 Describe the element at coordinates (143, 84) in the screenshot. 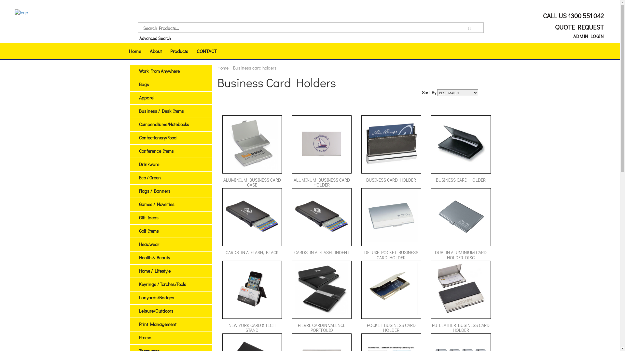

I see `'Bags'` at that location.